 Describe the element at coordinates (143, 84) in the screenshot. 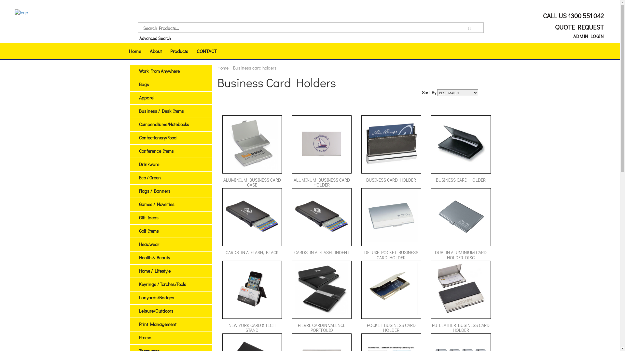

I see `'Bags'` at that location.